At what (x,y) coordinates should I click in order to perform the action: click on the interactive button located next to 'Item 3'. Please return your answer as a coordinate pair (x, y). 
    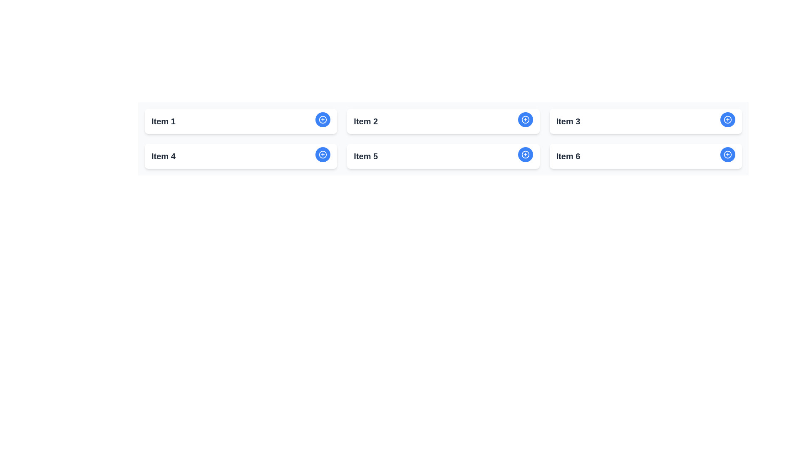
    Looking at the image, I should click on (525, 120).